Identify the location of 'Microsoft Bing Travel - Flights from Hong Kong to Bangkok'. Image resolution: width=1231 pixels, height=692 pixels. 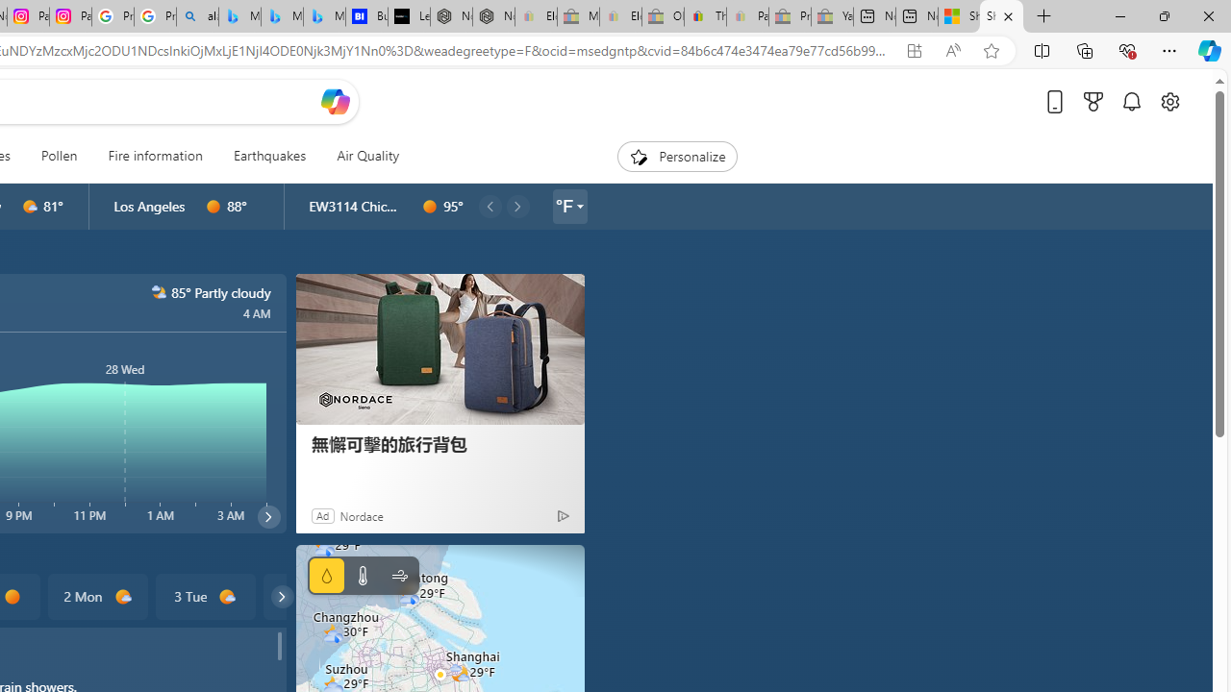
(239, 16).